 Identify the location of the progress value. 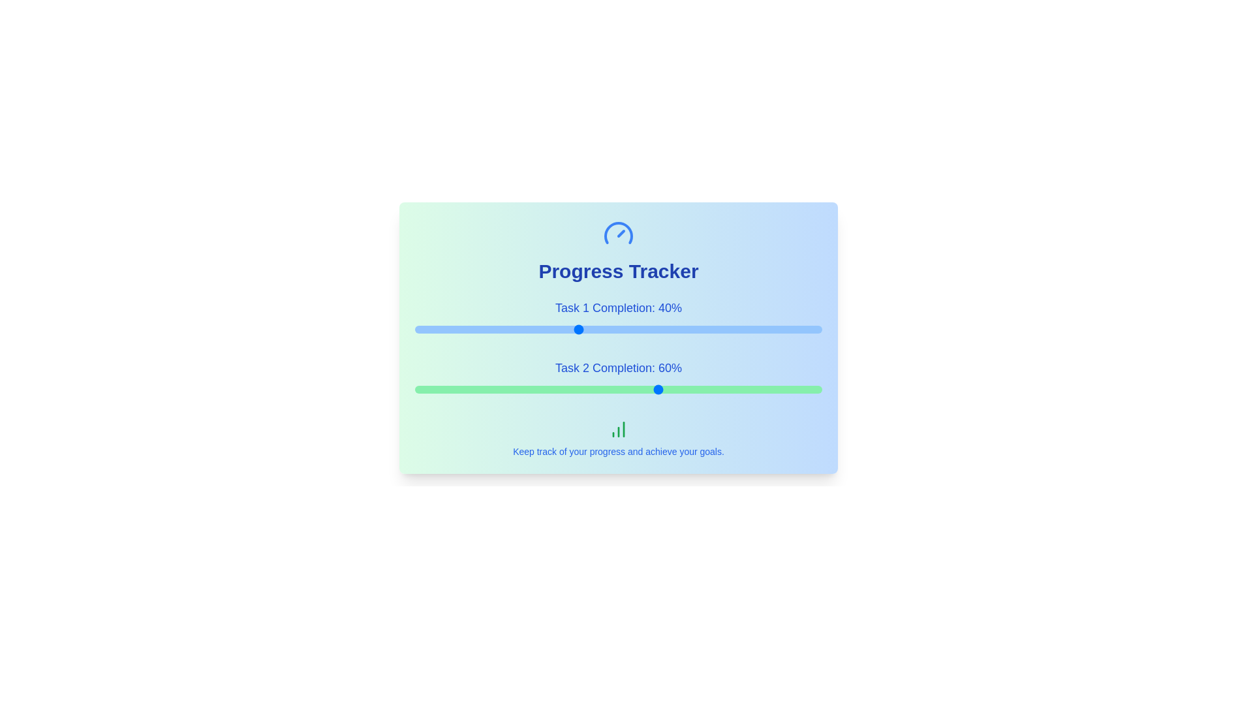
(707, 329).